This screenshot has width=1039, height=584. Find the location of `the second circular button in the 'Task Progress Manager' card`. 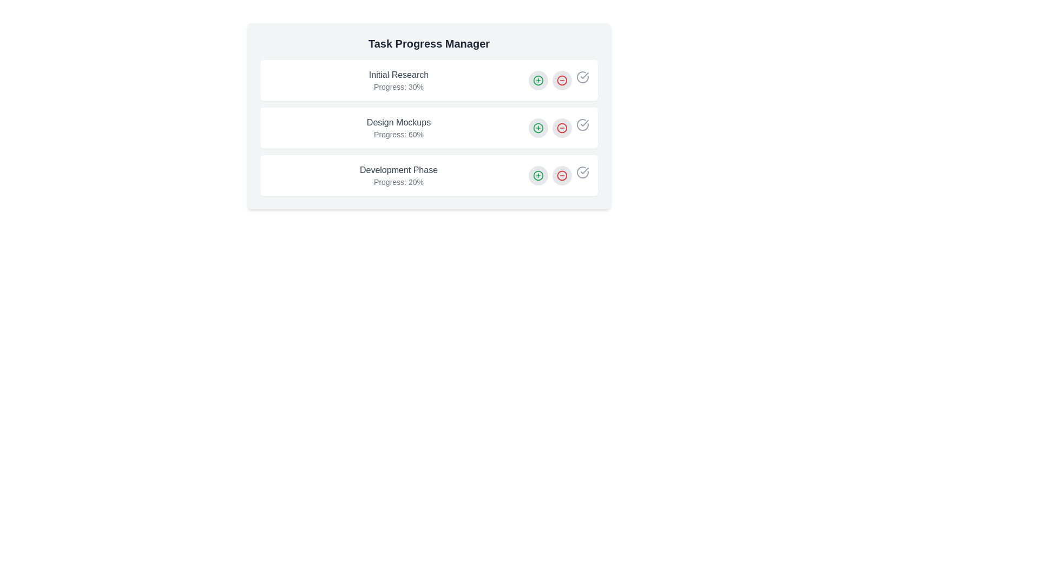

the second circular button in the 'Task Progress Manager' card is located at coordinates (558, 80).